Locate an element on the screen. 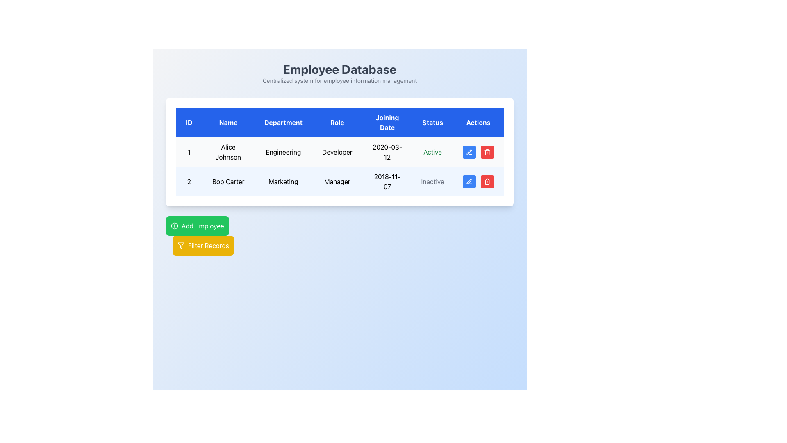 Image resolution: width=787 pixels, height=443 pixels. text of the 'Department' header, which is the third column header in the table, located between 'Name' and 'Role' with a blue background and white text is located at coordinates (283, 123).